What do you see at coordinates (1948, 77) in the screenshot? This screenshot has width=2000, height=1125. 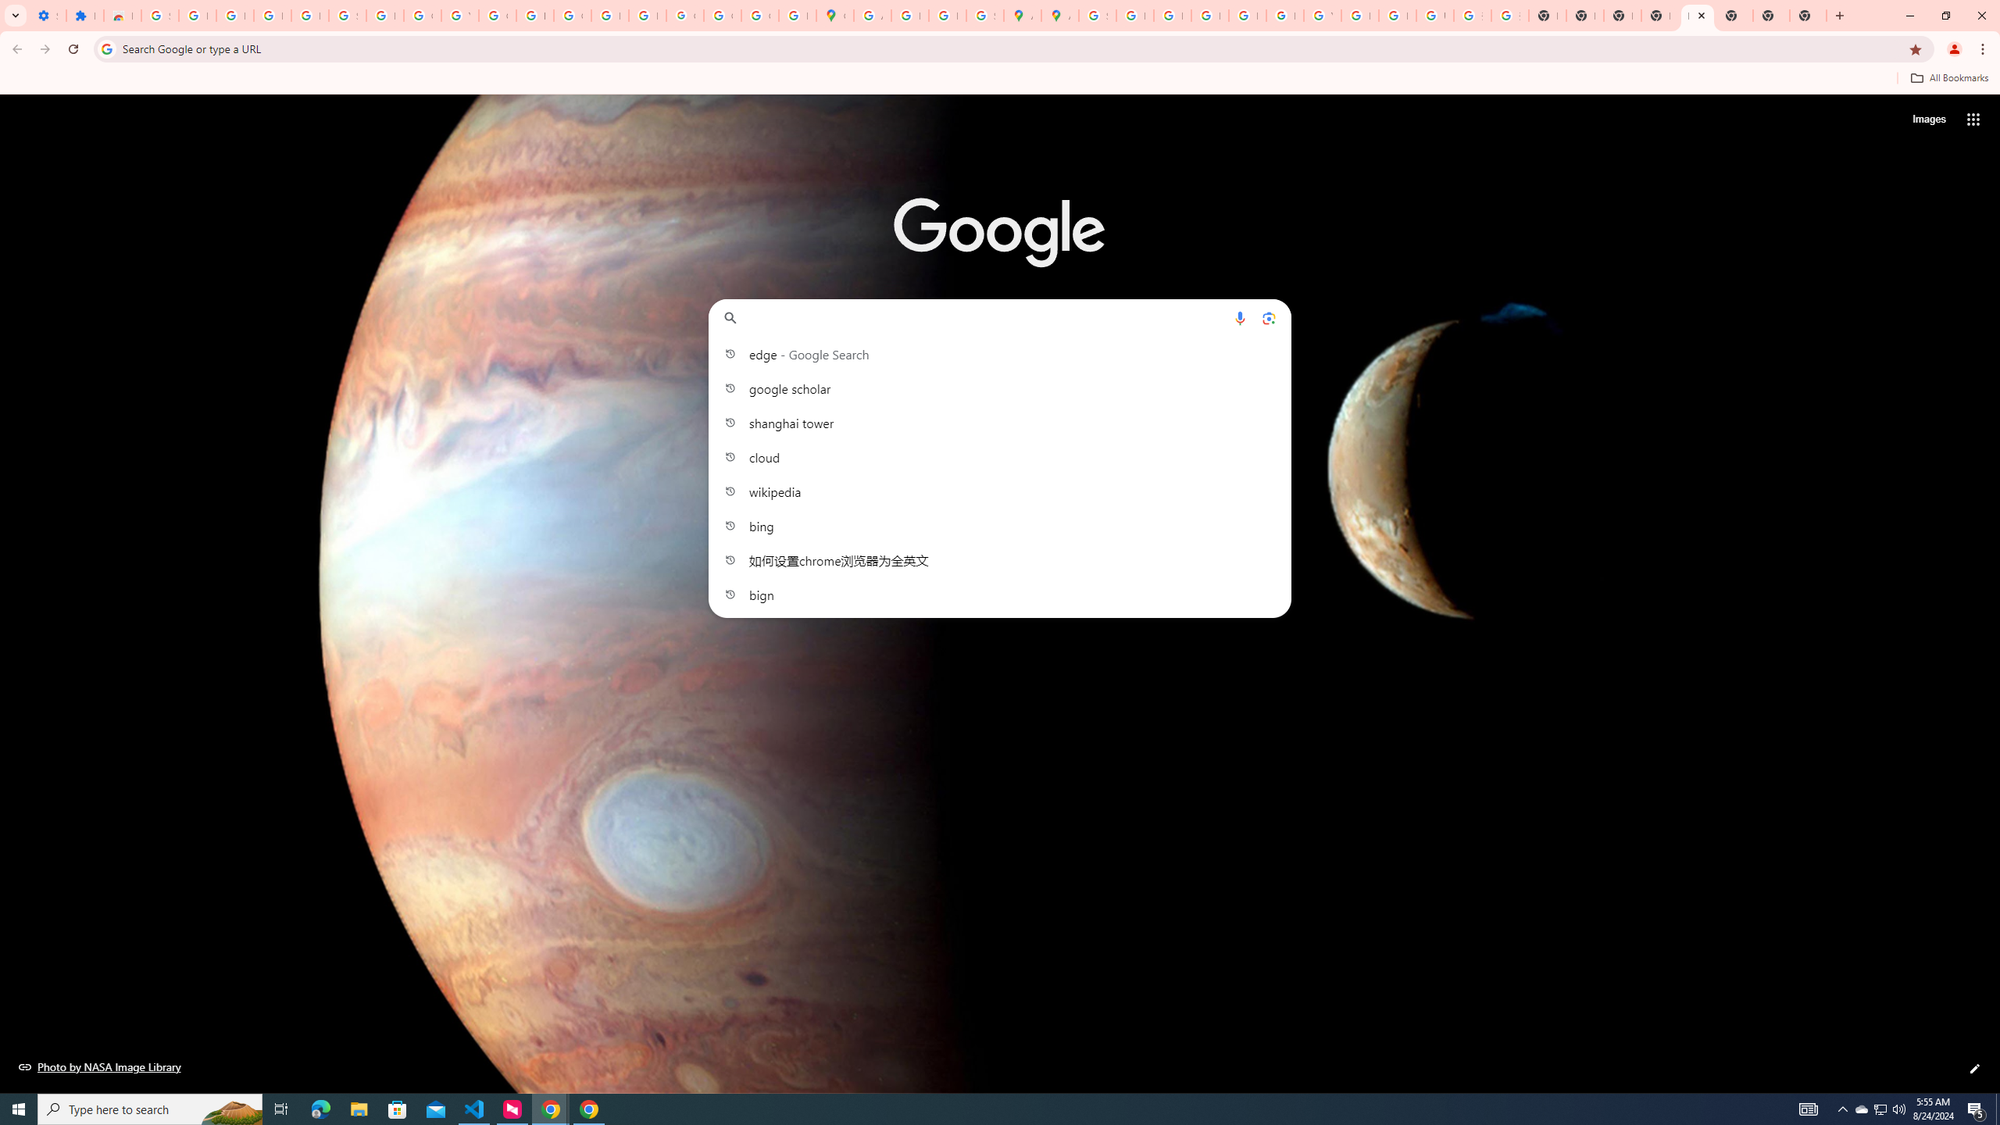 I see `'All Bookmarks'` at bounding box center [1948, 77].